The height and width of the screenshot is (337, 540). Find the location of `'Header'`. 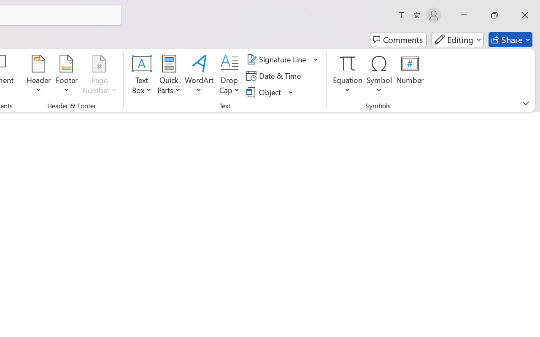

'Header' is located at coordinates (38, 75).